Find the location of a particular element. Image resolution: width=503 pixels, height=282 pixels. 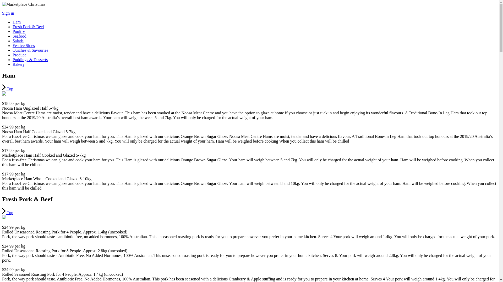

'Poultry' is located at coordinates (19, 31).